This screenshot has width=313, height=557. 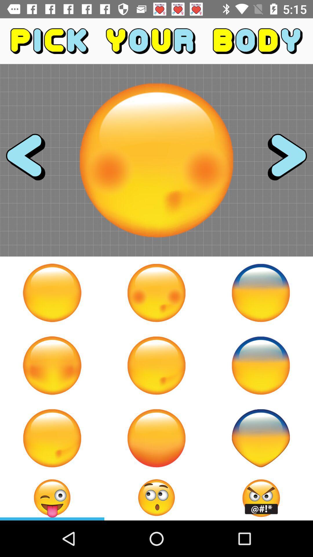 What do you see at coordinates (156, 497) in the screenshot?
I see `expression menu` at bounding box center [156, 497].